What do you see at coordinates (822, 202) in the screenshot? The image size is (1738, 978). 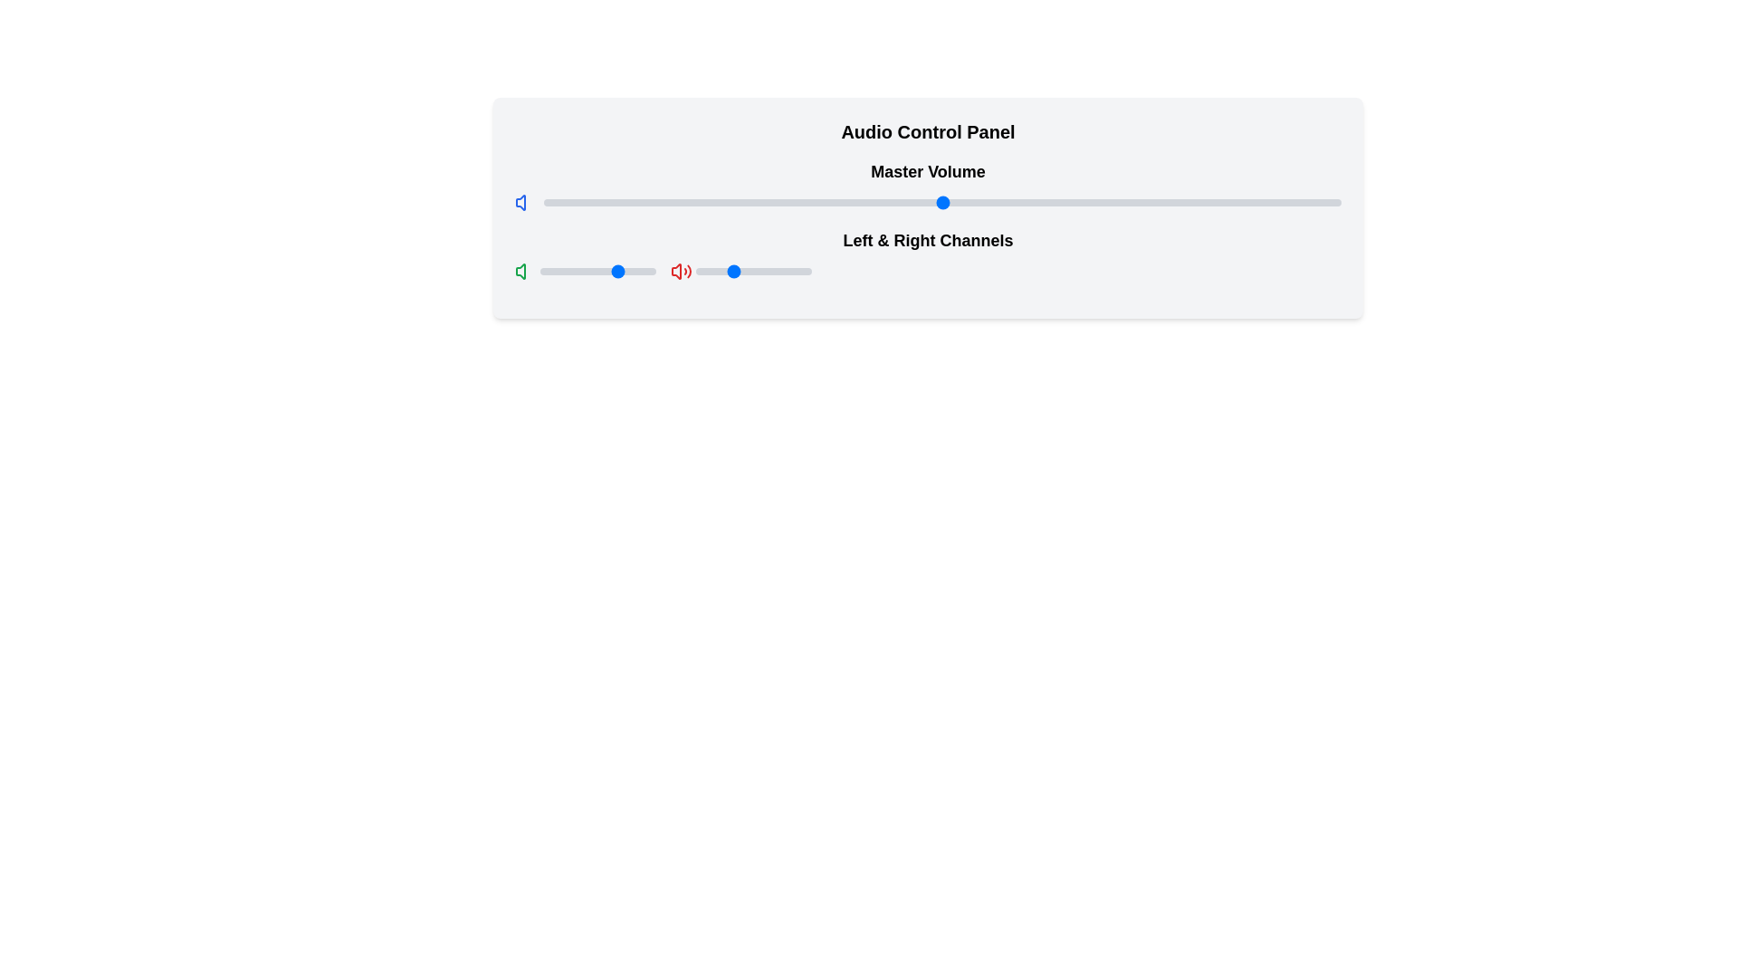 I see `the master volume level` at bounding box center [822, 202].